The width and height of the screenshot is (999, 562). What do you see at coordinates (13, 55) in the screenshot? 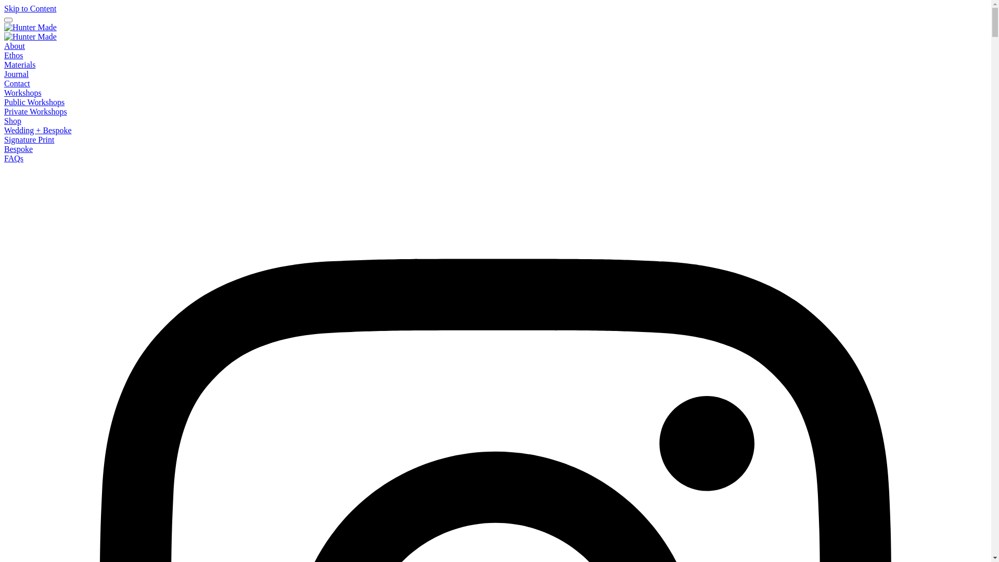
I see `'Ethos'` at bounding box center [13, 55].